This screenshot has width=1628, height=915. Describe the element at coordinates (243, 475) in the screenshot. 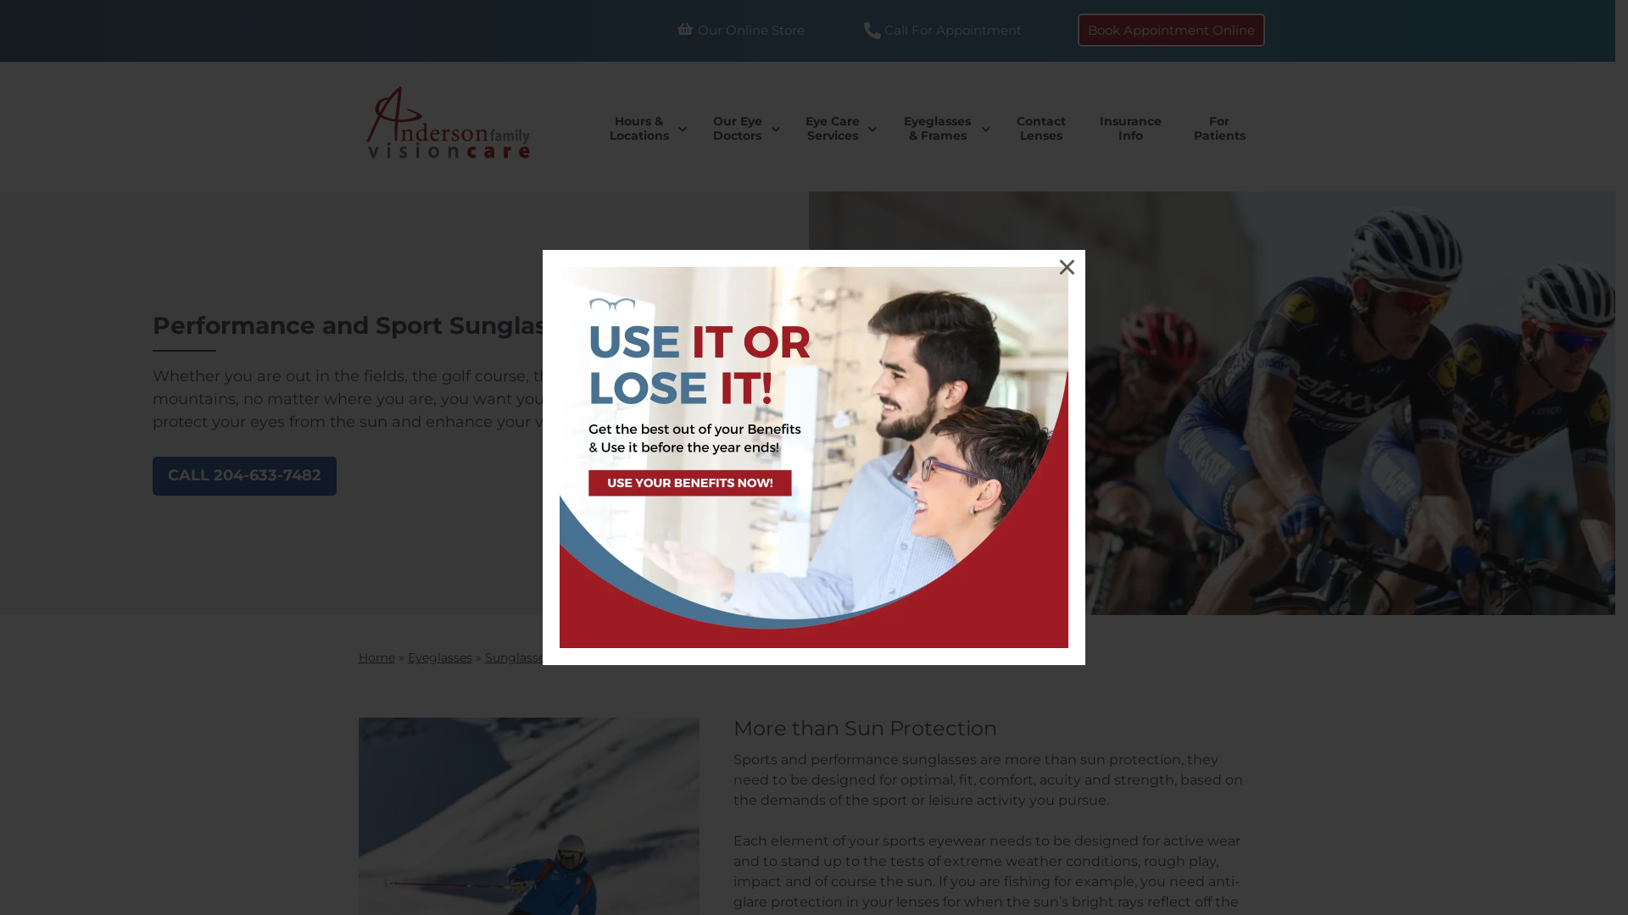

I see `'CALL 204-633-7482'` at that location.